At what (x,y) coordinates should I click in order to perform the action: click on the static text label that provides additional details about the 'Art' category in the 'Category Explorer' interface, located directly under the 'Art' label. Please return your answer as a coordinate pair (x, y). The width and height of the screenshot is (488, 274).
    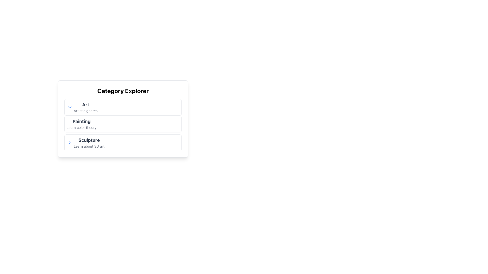
    Looking at the image, I should click on (85, 110).